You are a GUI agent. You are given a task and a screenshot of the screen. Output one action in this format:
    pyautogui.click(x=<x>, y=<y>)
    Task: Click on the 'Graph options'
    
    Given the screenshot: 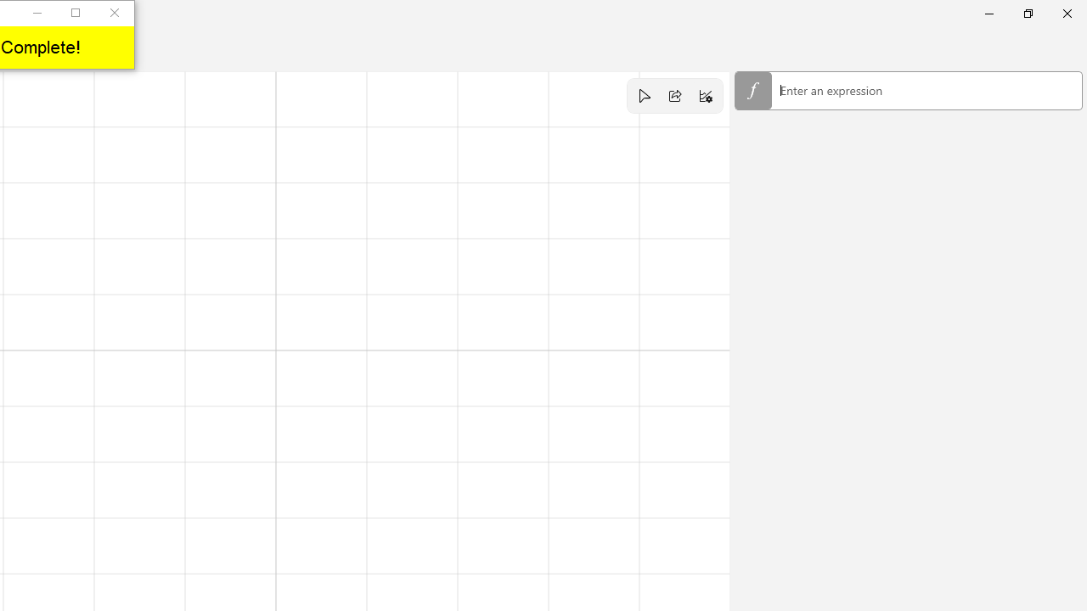 What is the action you would take?
    pyautogui.click(x=706, y=96)
    